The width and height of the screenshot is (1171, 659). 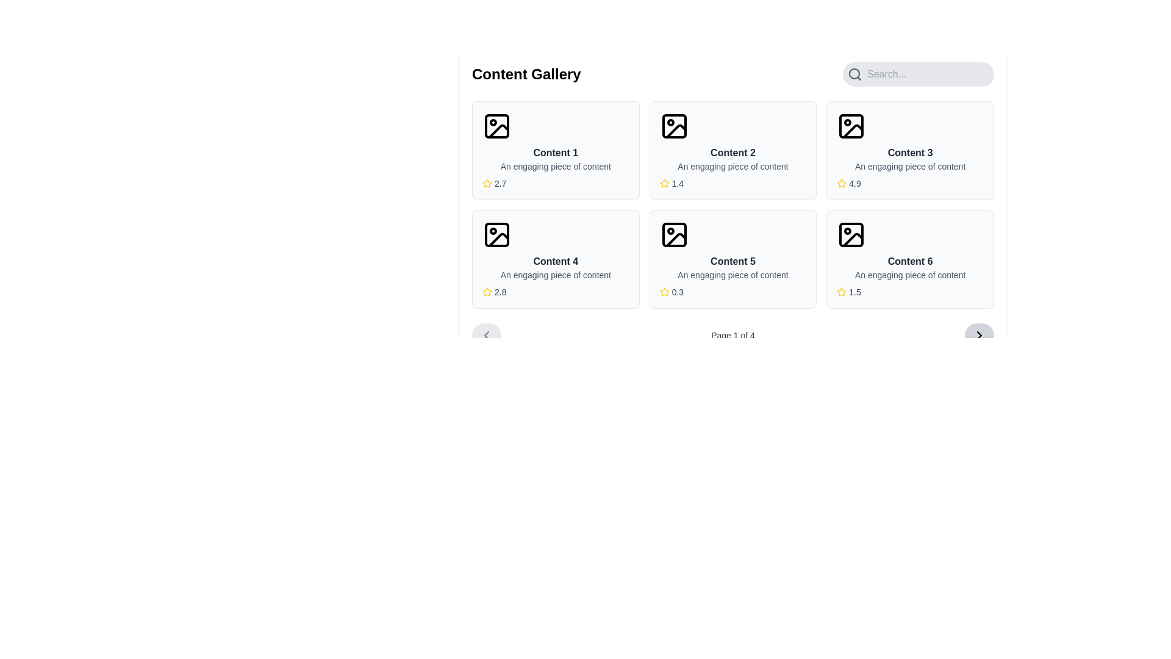 What do you see at coordinates (677, 292) in the screenshot?
I see `the rating Text label displaying a value of 0.3 for 'Content 5', which is positioned next to a yellow star icon` at bounding box center [677, 292].